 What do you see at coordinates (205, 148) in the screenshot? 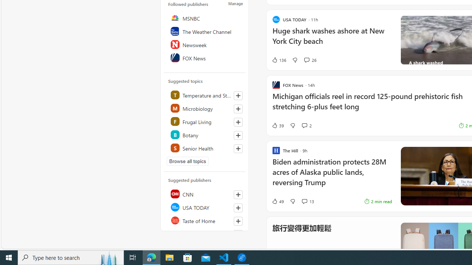
I see `'Class: highlight'` at bounding box center [205, 148].